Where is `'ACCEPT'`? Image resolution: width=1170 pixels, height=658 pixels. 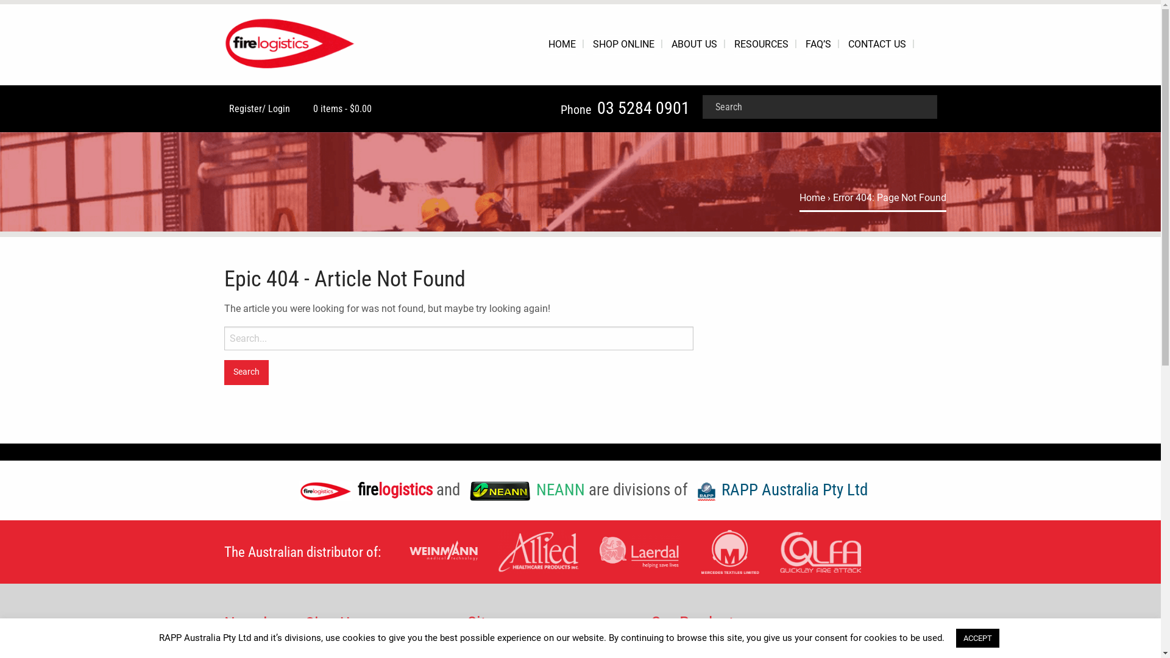
'ACCEPT' is located at coordinates (977, 637).